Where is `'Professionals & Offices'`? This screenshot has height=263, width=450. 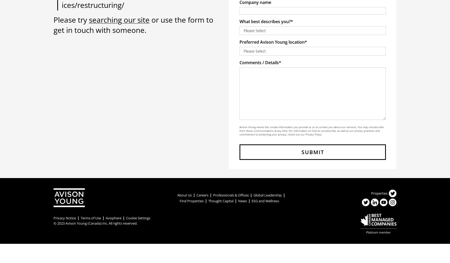
'Professionals & Offices' is located at coordinates (231, 195).